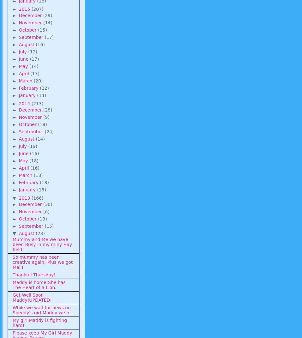  What do you see at coordinates (24, 9) in the screenshot?
I see `'2015'` at bounding box center [24, 9].